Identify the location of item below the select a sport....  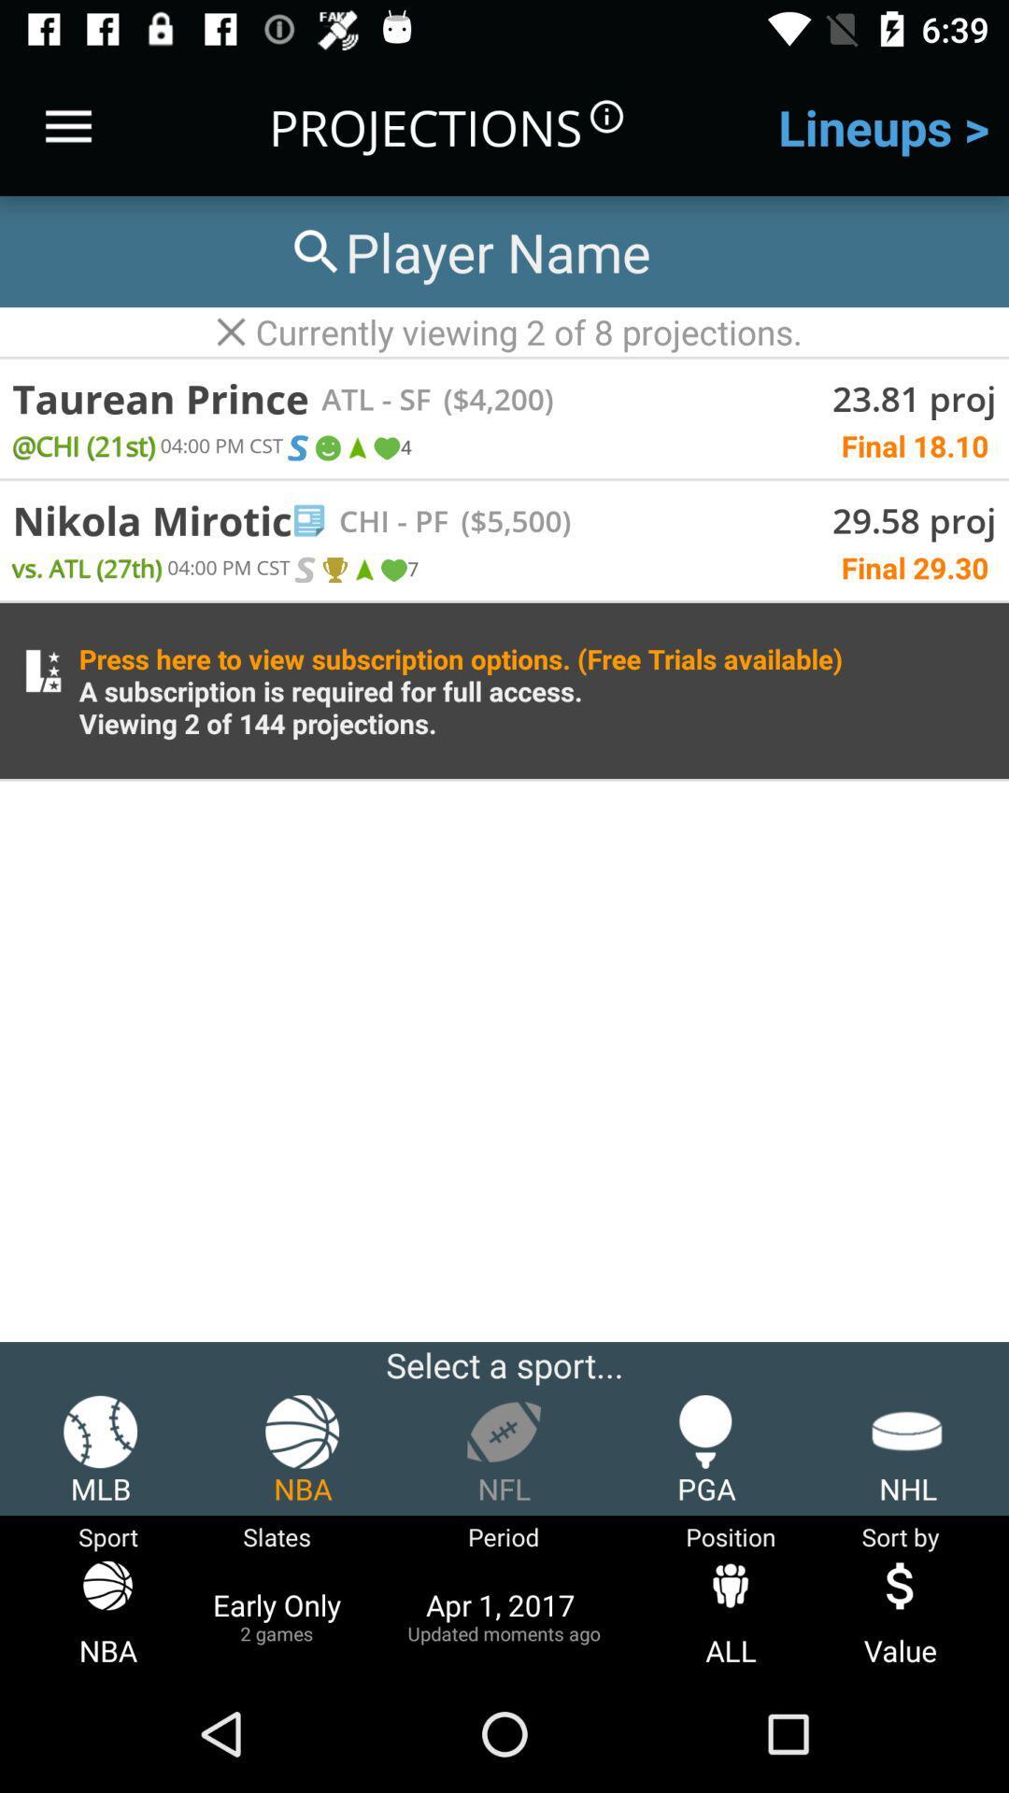
(706, 1450).